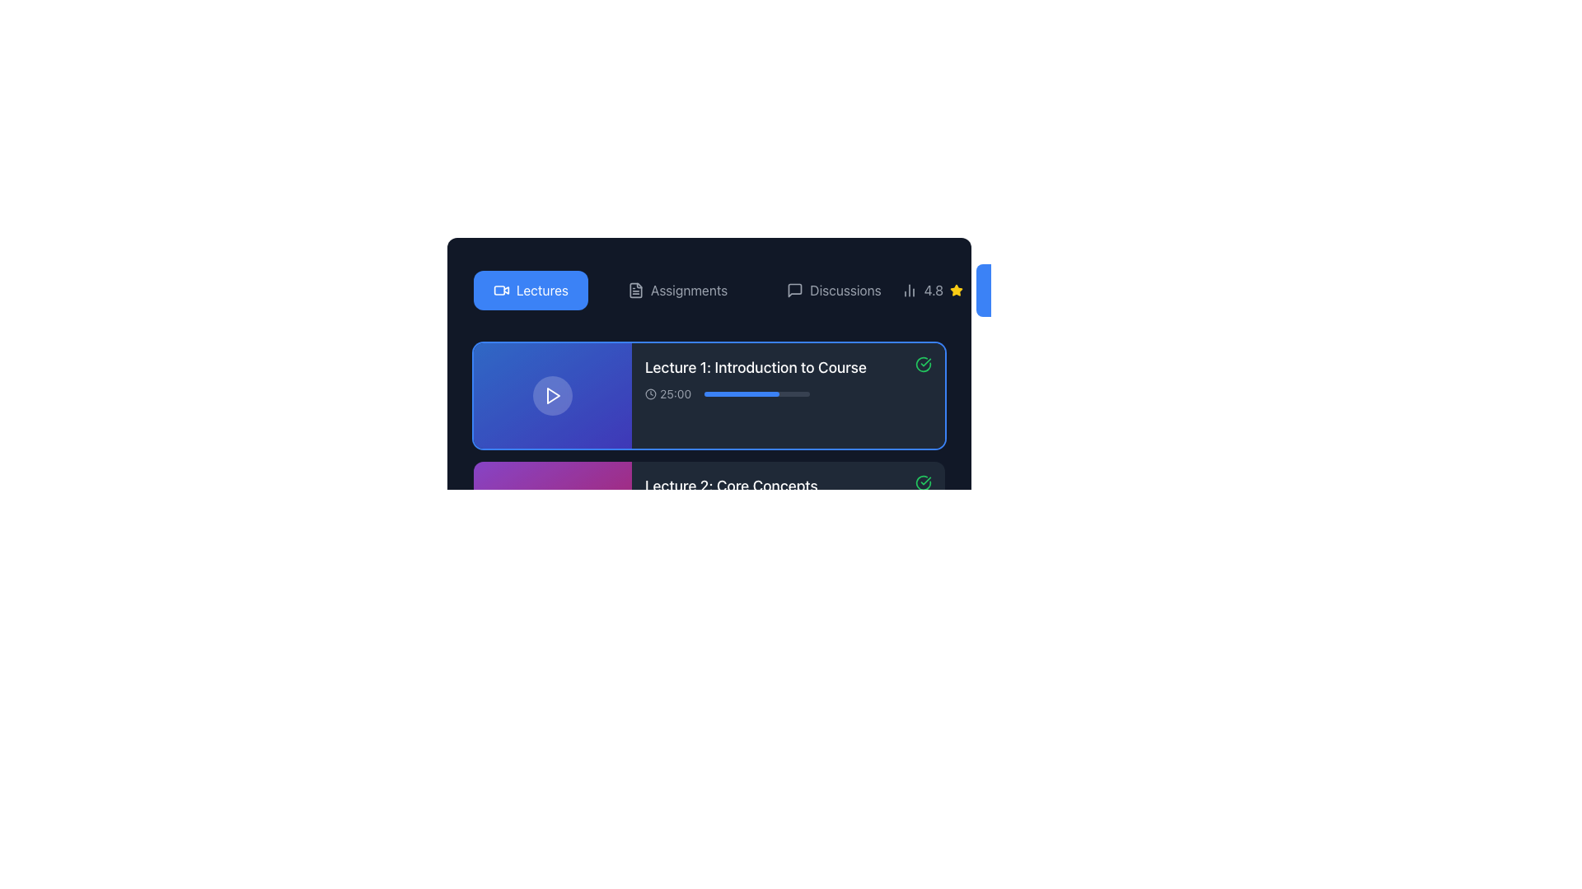 The height and width of the screenshot is (889, 1582). What do you see at coordinates (932, 290) in the screenshot?
I see `the text label displaying '4.8' which is styled in gray and located in the upper-right section of the interface, positioned between a bar chart icon on the left and a star icon on the right` at bounding box center [932, 290].